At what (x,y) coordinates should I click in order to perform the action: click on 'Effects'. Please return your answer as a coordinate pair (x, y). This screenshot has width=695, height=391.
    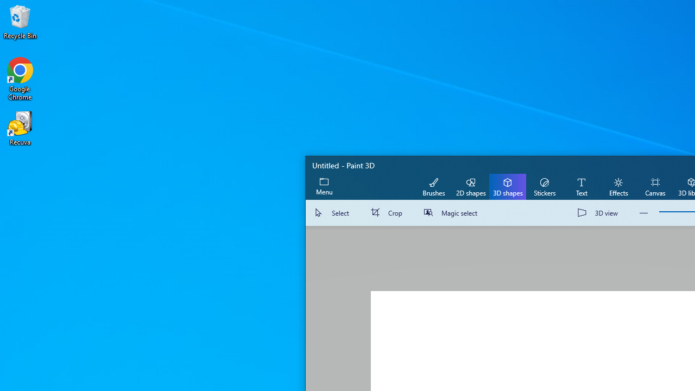
    Looking at the image, I should click on (618, 186).